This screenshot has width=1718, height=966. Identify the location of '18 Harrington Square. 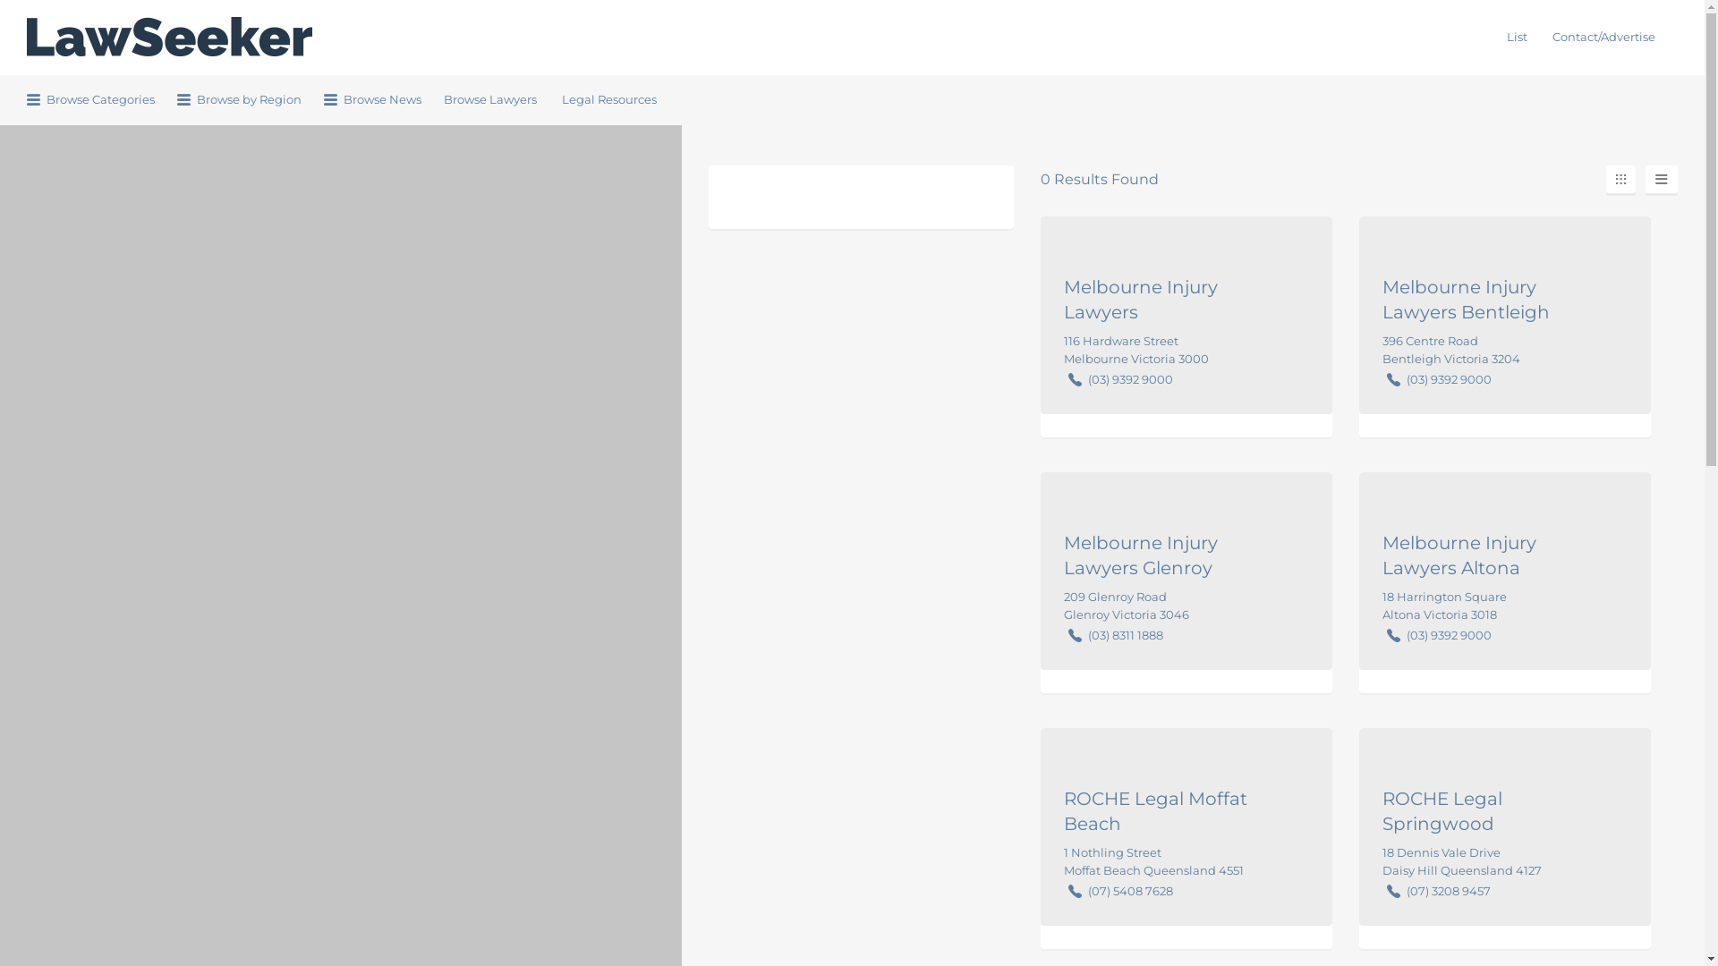
(1444, 604).